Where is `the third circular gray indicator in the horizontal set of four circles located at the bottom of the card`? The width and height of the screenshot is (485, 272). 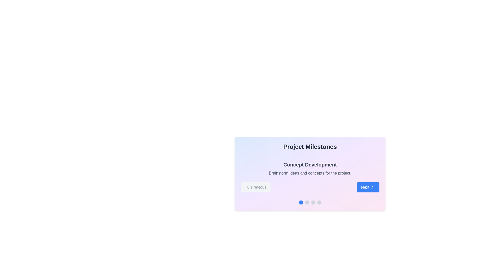
the third circular gray indicator in the horizontal set of four circles located at the bottom of the card is located at coordinates (313, 202).